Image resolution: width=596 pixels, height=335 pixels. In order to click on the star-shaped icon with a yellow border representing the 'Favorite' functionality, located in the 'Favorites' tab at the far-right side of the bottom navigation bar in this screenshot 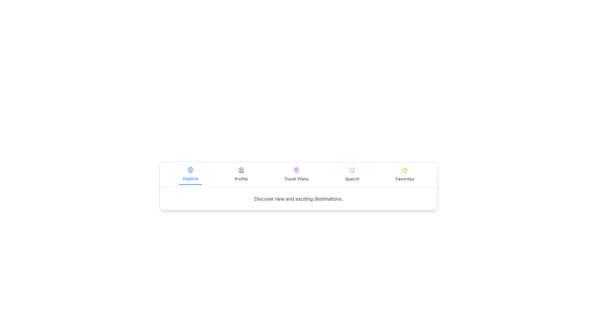, I will do `click(405, 170)`.